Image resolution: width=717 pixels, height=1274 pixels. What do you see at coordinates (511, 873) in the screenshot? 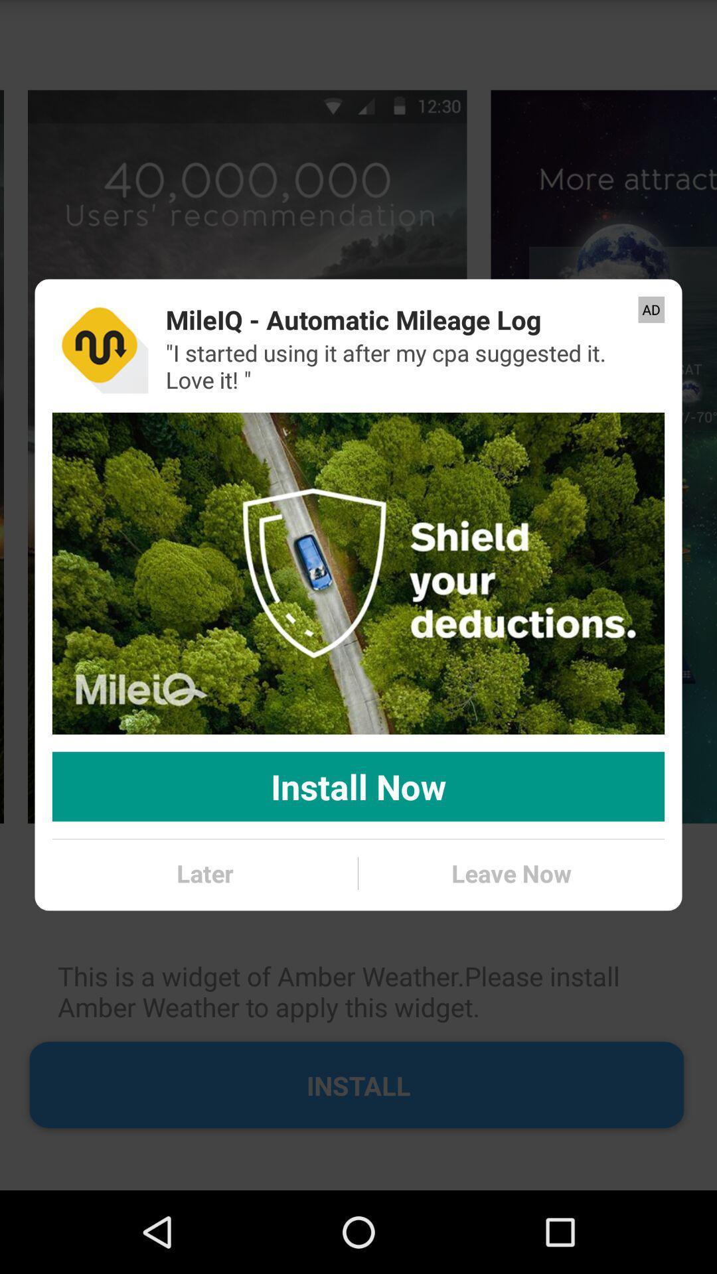
I see `leave now` at bounding box center [511, 873].